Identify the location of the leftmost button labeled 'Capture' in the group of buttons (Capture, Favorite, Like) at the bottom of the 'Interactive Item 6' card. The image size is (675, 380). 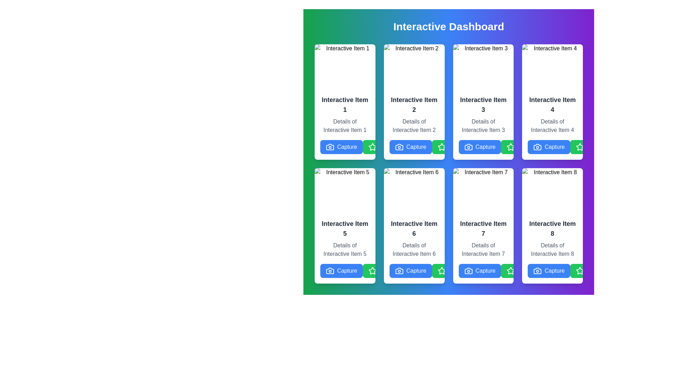
(411, 146).